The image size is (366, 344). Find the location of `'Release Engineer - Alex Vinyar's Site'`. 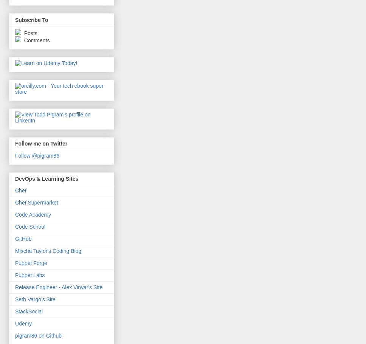

'Release Engineer - Alex Vinyar's Site' is located at coordinates (58, 287).